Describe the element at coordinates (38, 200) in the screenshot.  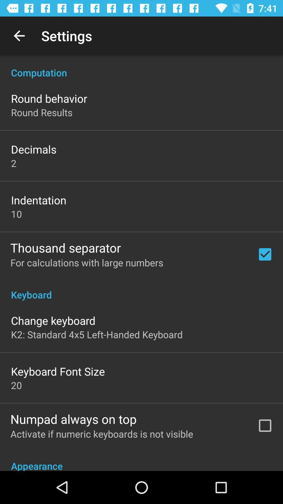
I see `the indentation icon` at that location.